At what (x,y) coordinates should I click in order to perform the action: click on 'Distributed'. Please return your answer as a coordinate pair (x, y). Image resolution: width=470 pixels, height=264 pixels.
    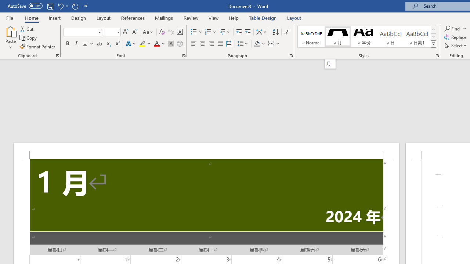
    Looking at the image, I should click on (229, 44).